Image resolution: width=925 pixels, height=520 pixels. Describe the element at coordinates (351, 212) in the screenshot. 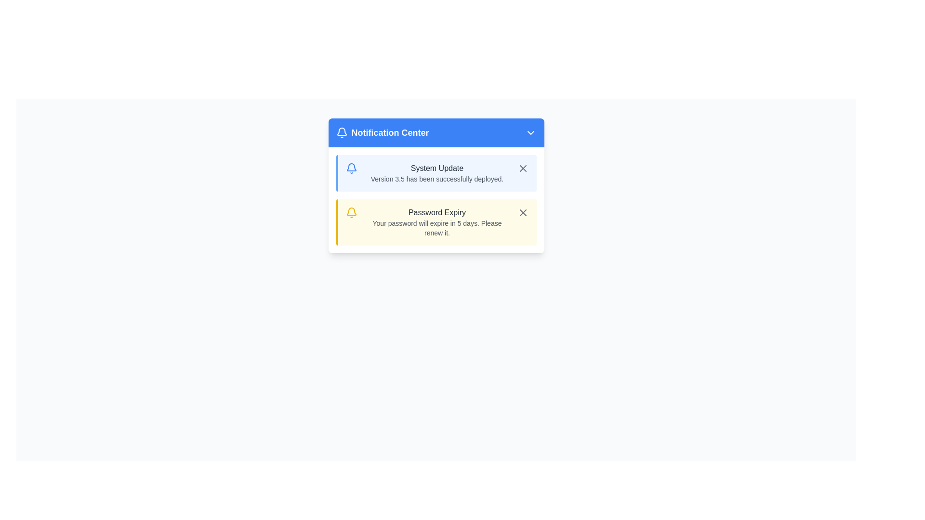

I see `the yellow bell icon indicating a notification for 'Password Expiry', located to the left of the notification text` at that location.